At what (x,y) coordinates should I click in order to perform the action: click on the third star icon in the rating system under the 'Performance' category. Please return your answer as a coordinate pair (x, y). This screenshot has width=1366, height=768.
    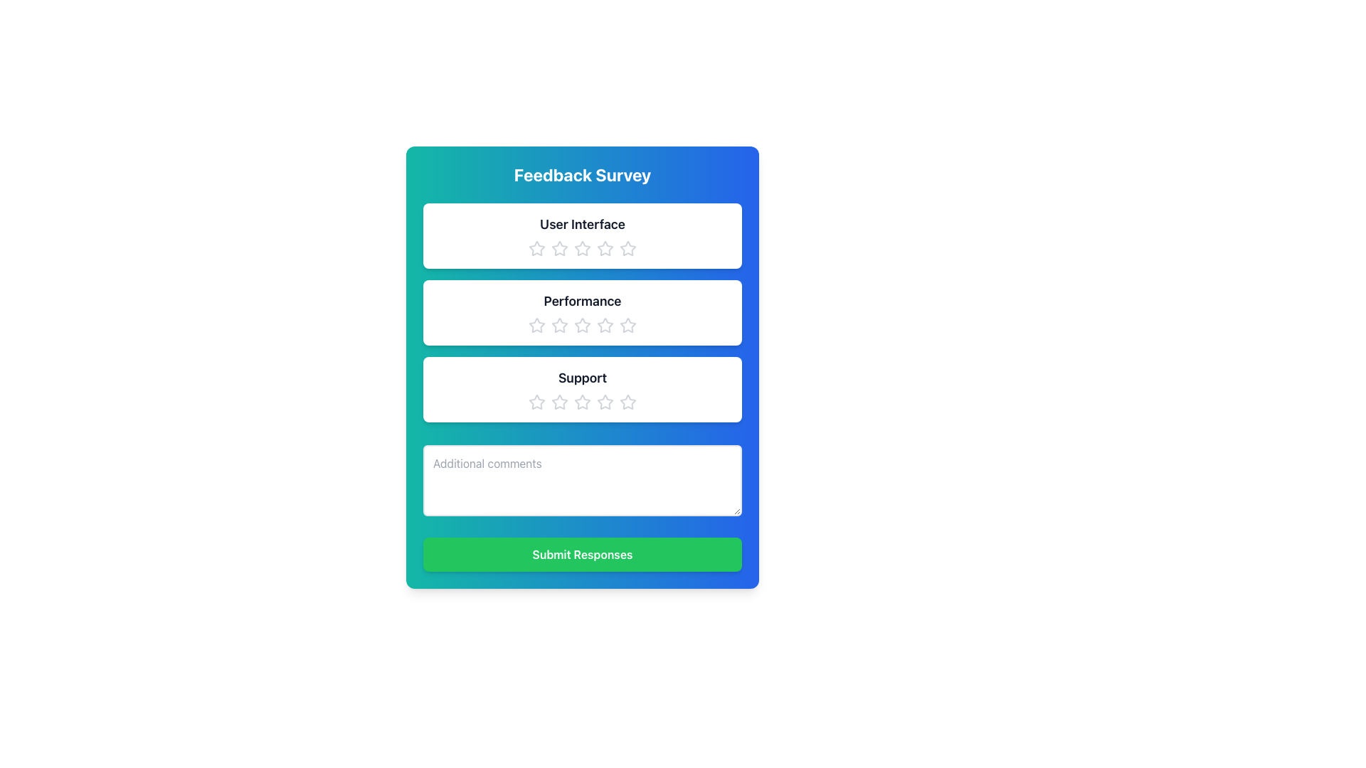
    Looking at the image, I should click on (605, 325).